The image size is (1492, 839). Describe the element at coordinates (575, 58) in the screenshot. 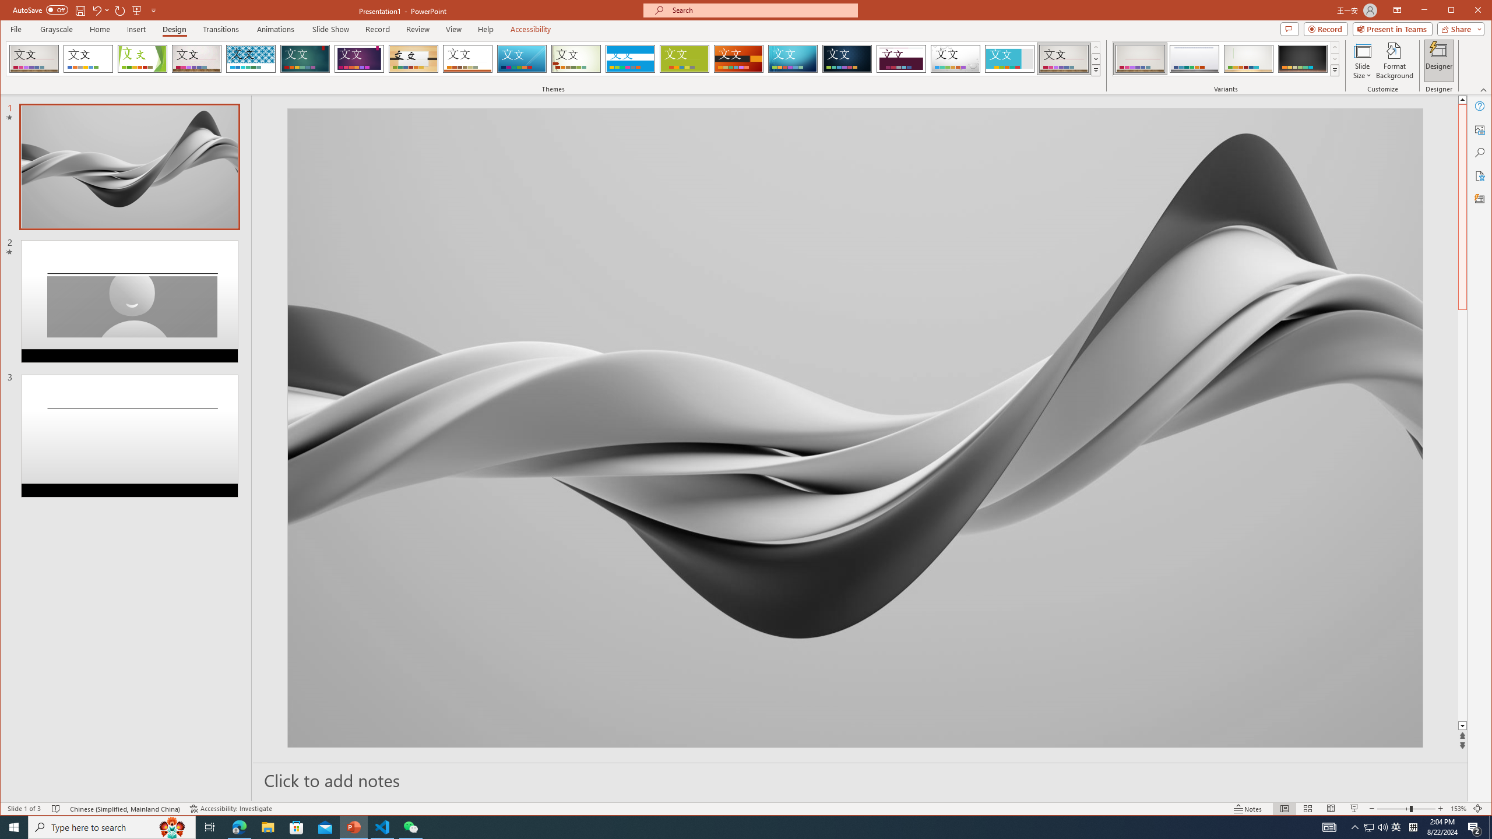

I see `'Wisp'` at that location.